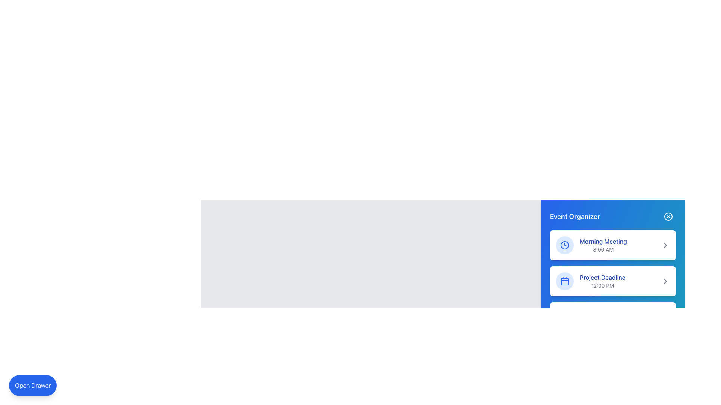 This screenshot has width=721, height=405. Describe the element at coordinates (575, 217) in the screenshot. I see `the text label located in the top section of the blue sidebar interface, which serves as a title or label for event-related content` at that location.